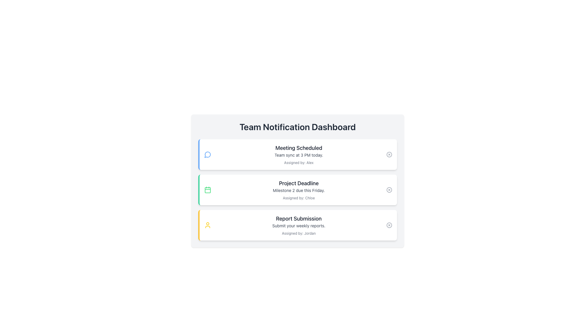 The height and width of the screenshot is (318, 565). What do you see at coordinates (389, 225) in the screenshot?
I see `SVG circle element that represents a 'close' or 'remove' action in the bottom-right corner of the 'Report Submission' notification card` at bounding box center [389, 225].